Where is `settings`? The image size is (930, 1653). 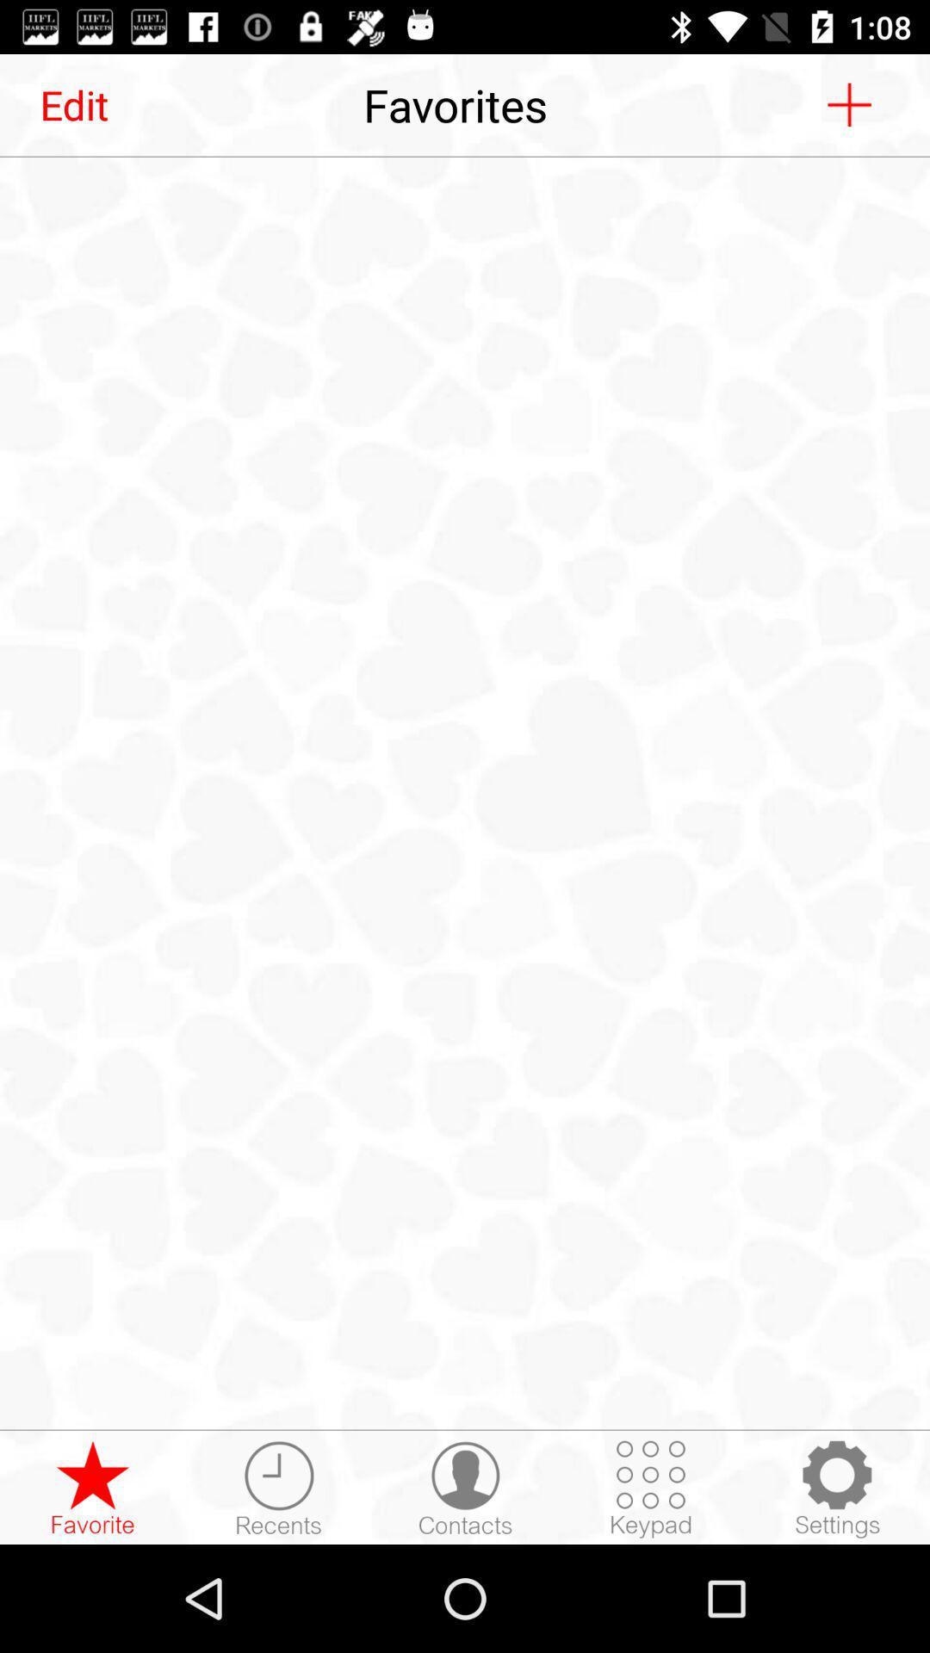 settings is located at coordinates (836, 1488).